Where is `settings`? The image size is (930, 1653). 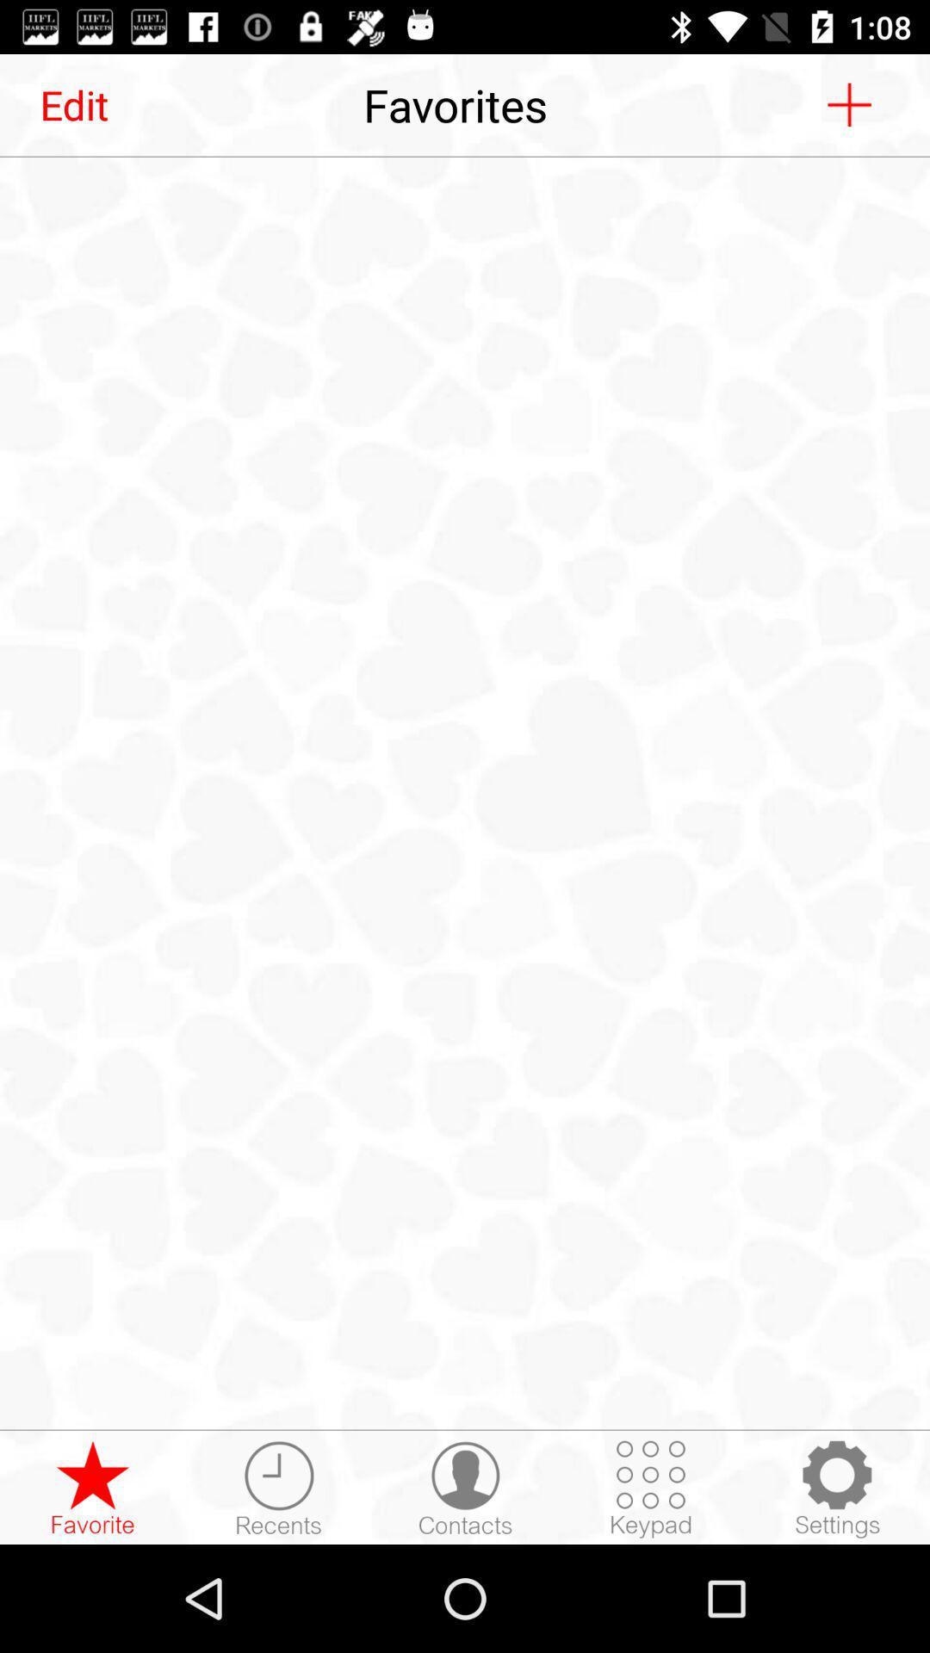 settings is located at coordinates (836, 1488).